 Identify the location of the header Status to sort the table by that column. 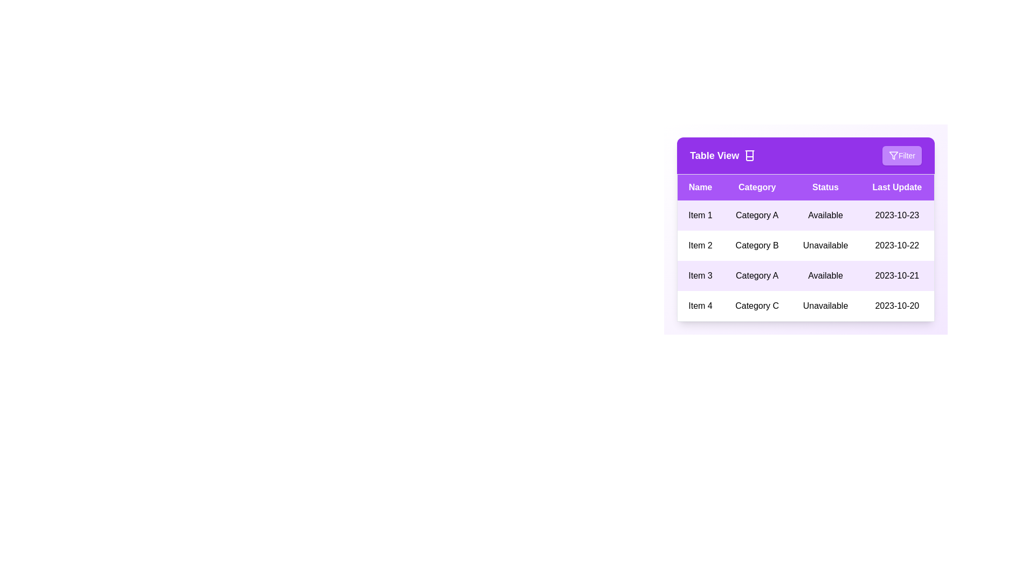
(825, 186).